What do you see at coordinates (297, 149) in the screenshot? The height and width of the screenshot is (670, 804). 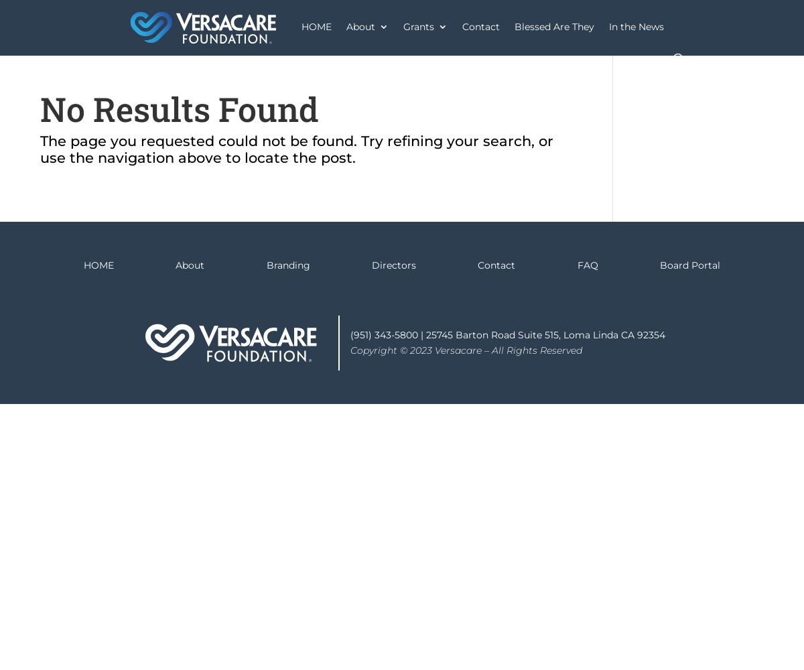 I see `'The page you requested could not be found. Try refining your search, or use the navigation above to locate the post.'` at bounding box center [297, 149].